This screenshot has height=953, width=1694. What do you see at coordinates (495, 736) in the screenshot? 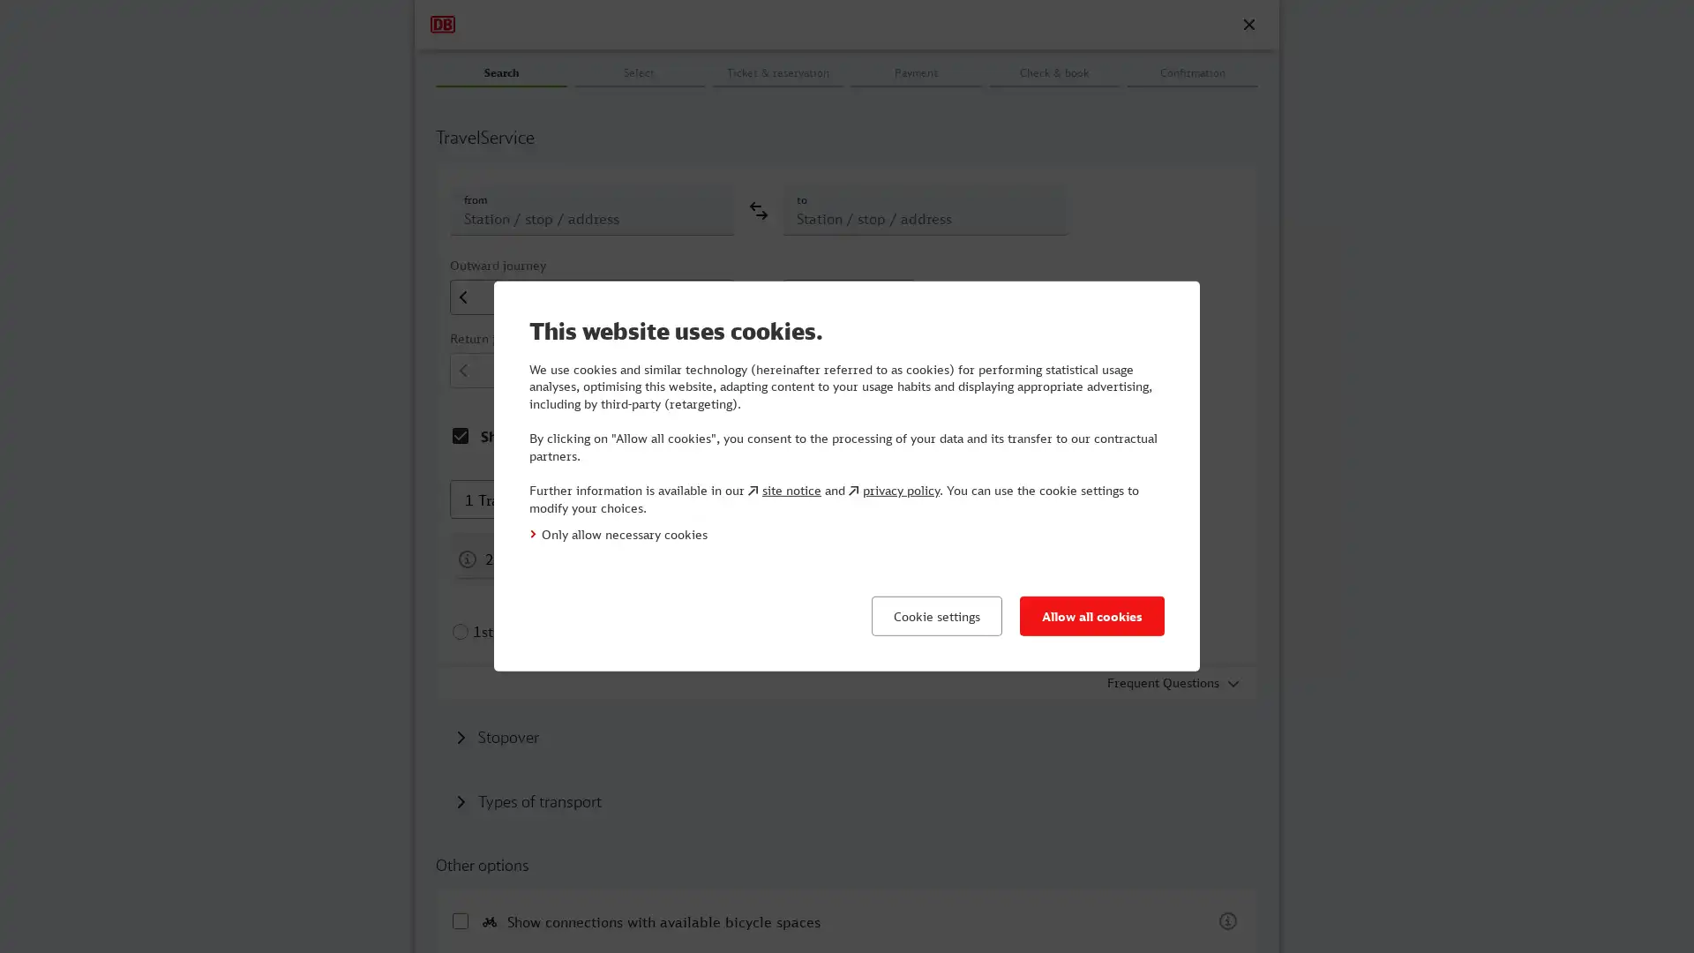
I see `Add intermediate stops` at bounding box center [495, 736].